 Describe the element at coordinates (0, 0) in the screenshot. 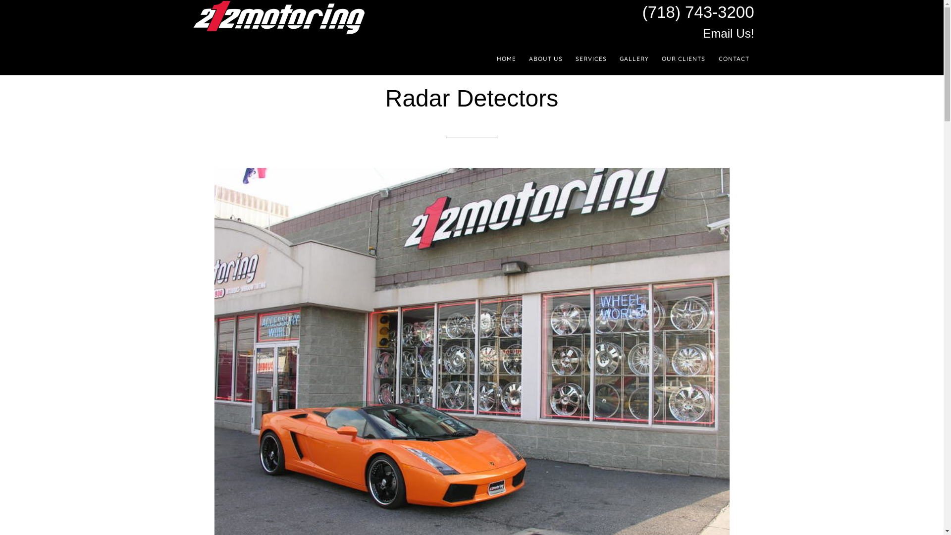

I see `'Skip to main content'` at that location.